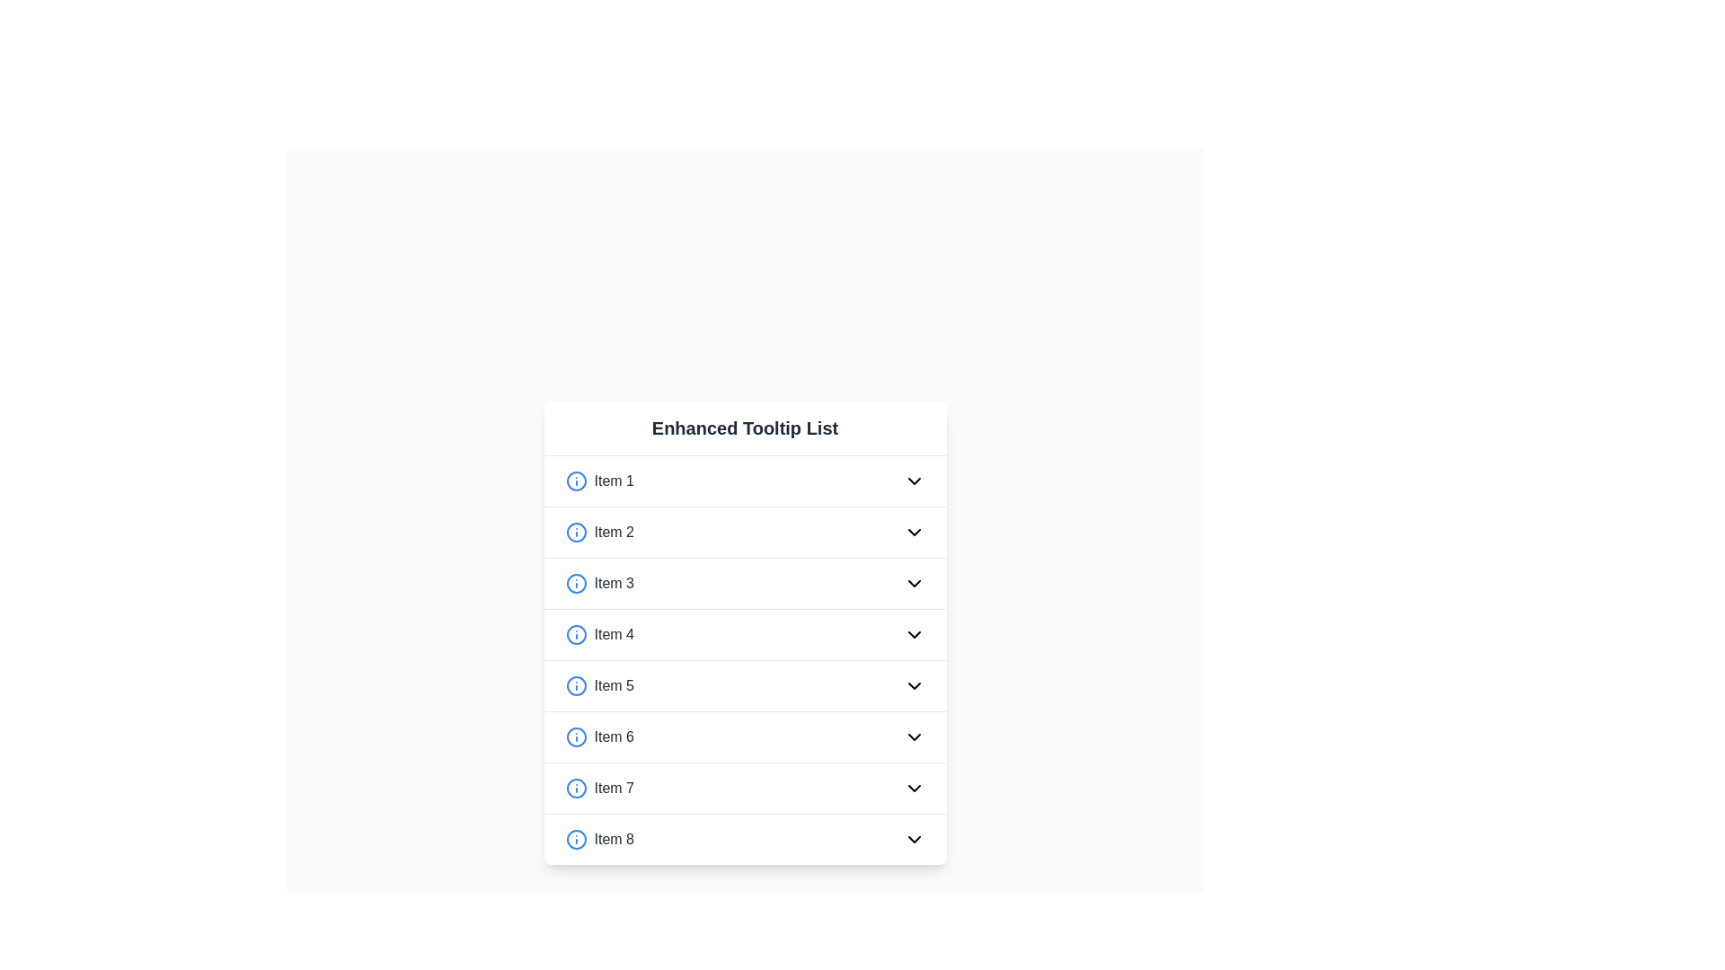 This screenshot has width=1725, height=970. I want to click on the medium blue circle element of the SVG info icon located to the left of 'Item 2' in the second row of the vertical list, so click(576, 532).